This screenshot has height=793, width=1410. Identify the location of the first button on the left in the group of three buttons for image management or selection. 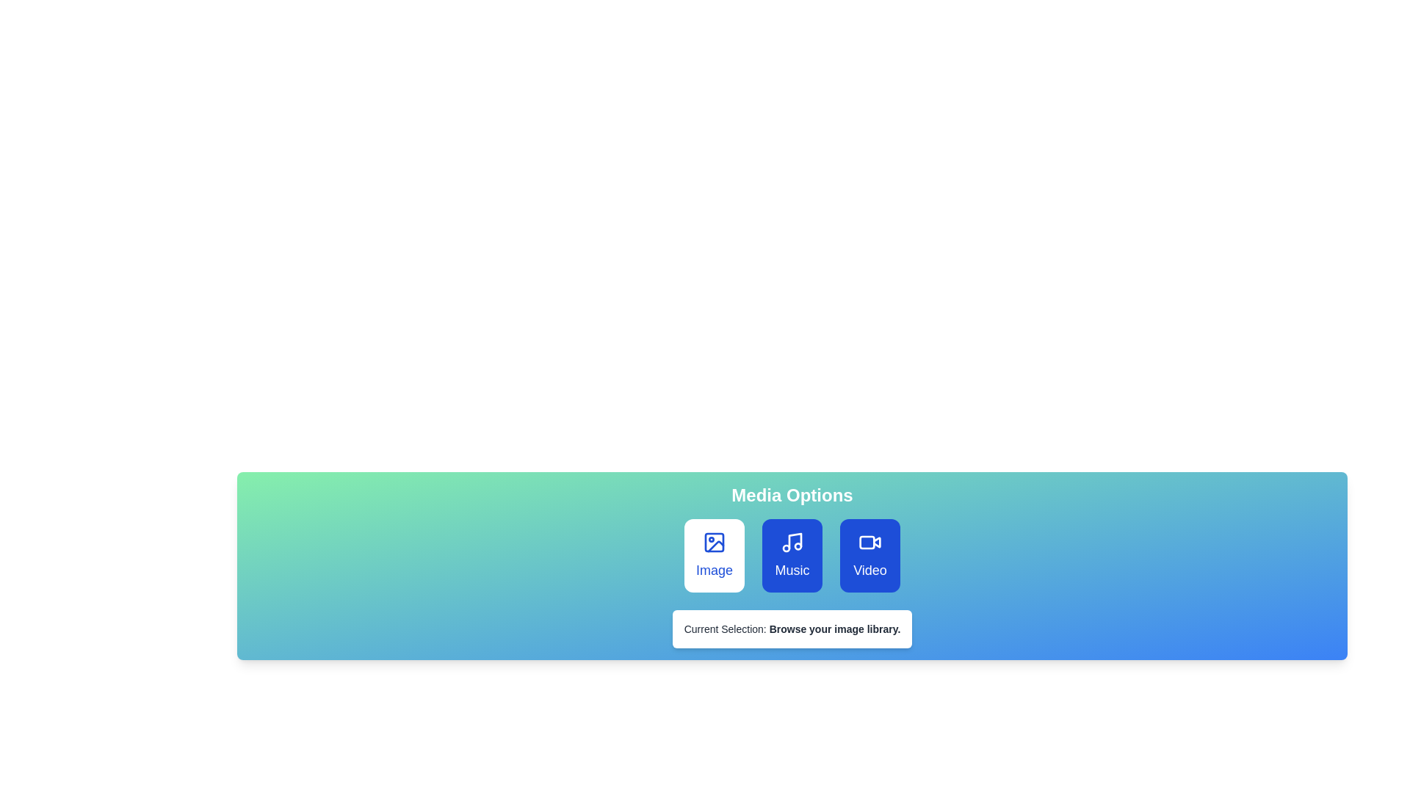
(715, 555).